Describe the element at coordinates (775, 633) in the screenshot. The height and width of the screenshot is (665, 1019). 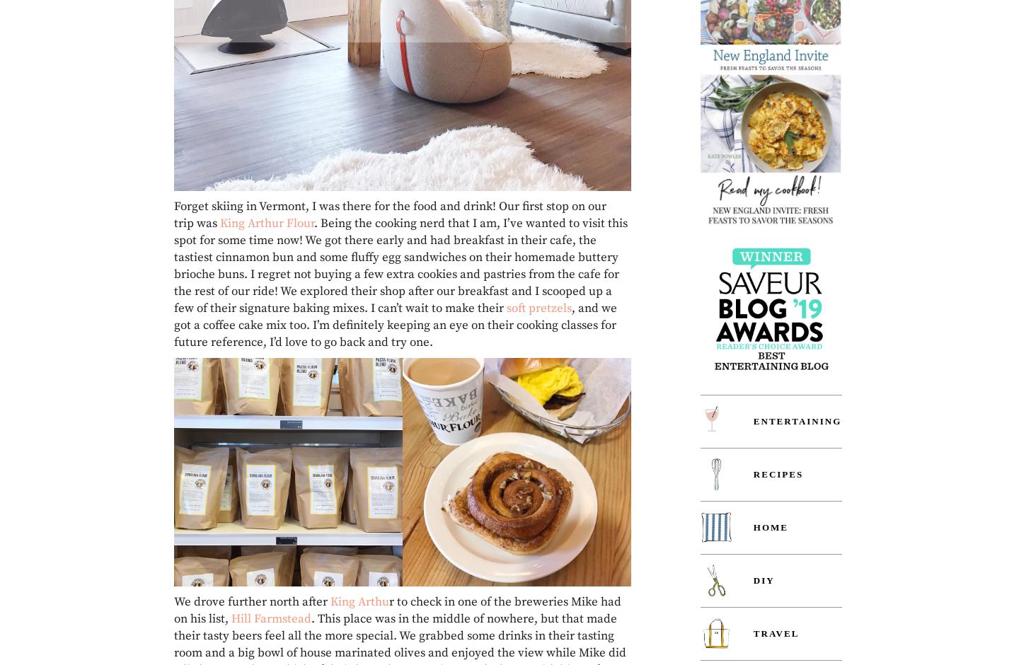
I see `'travel'` at that location.